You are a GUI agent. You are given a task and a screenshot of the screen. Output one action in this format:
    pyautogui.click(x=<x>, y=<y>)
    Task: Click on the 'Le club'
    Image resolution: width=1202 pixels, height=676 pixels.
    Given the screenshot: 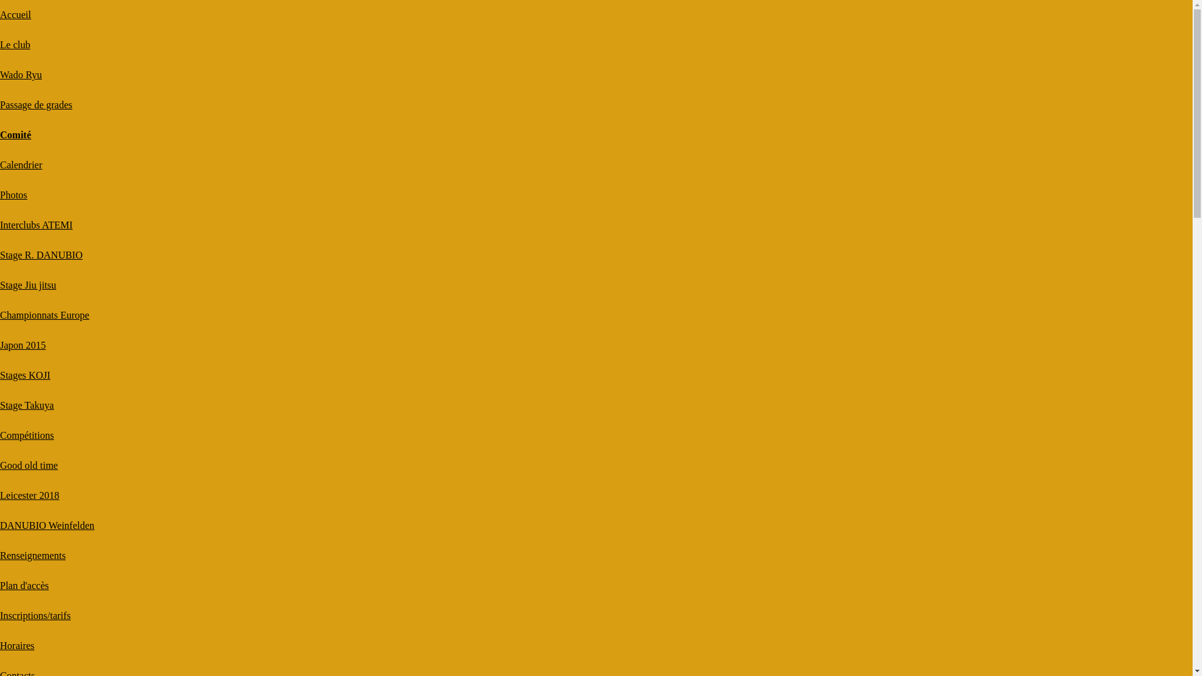 What is the action you would take?
    pyautogui.click(x=15, y=44)
    